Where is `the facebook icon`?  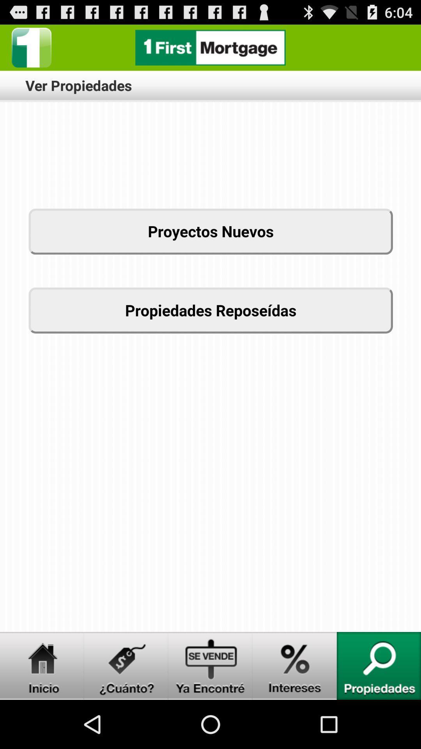 the facebook icon is located at coordinates (31, 50).